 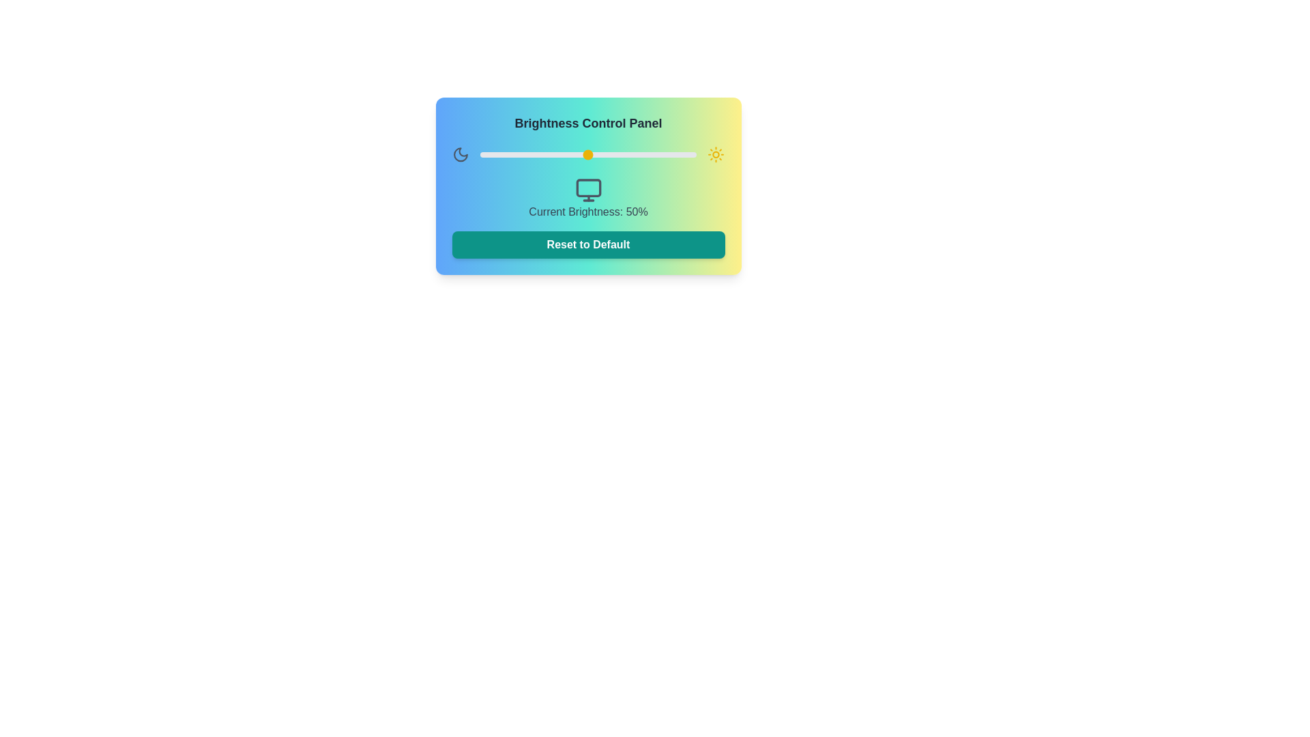 What do you see at coordinates (501, 154) in the screenshot?
I see `the brightness level` at bounding box center [501, 154].